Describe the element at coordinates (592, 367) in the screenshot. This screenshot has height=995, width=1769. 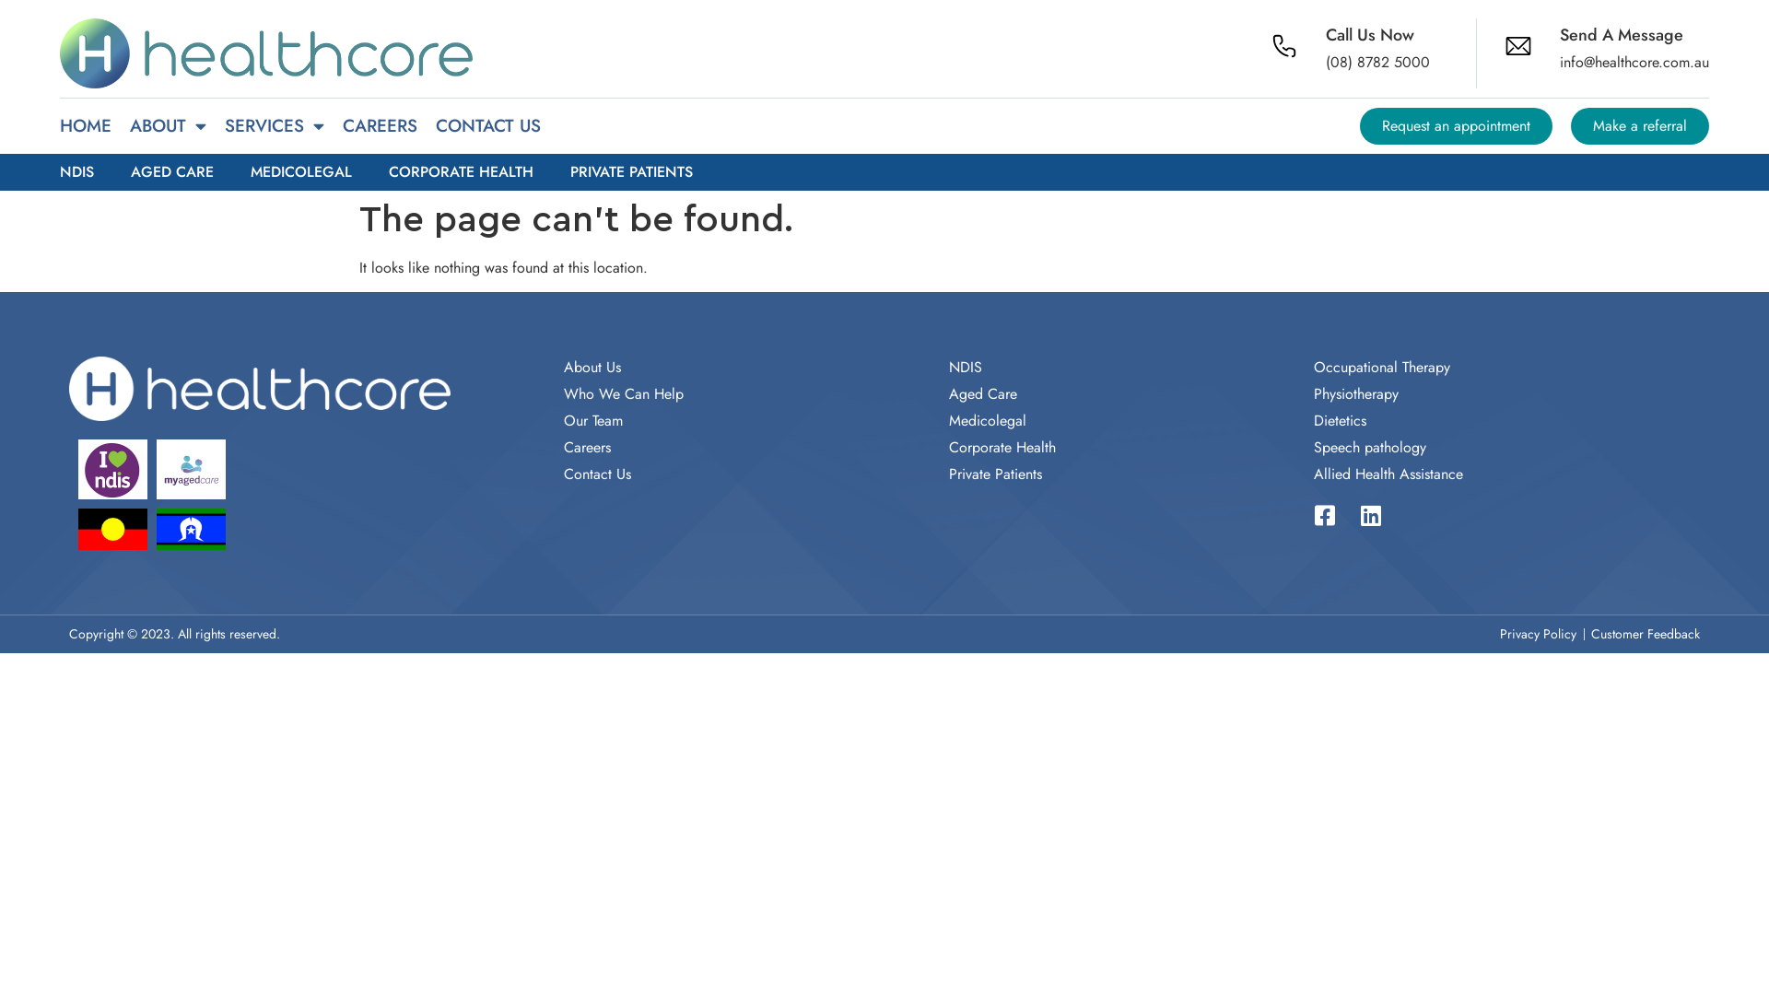
I see `'About Us'` at that location.